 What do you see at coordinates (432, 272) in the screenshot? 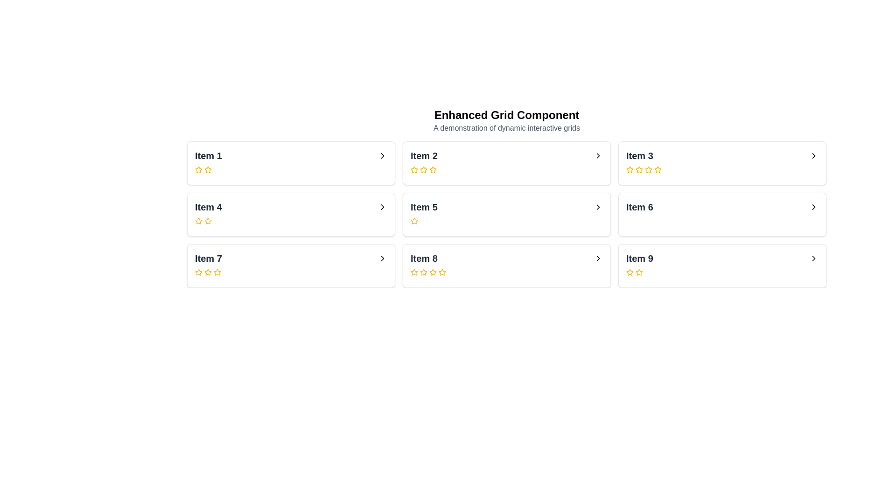
I see `the fourth star-shaped icon in the rating row below the 'Item 8' label to rate it` at bounding box center [432, 272].